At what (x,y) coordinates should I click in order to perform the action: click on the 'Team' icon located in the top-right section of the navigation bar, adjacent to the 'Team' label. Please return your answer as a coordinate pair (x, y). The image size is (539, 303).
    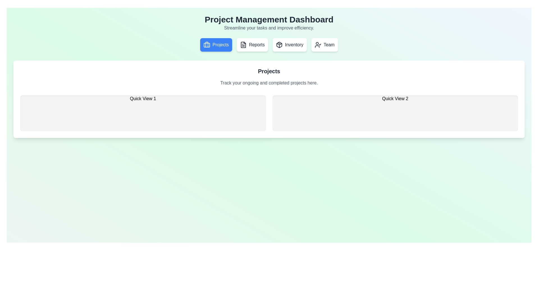
    Looking at the image, I should click on (318, 44).